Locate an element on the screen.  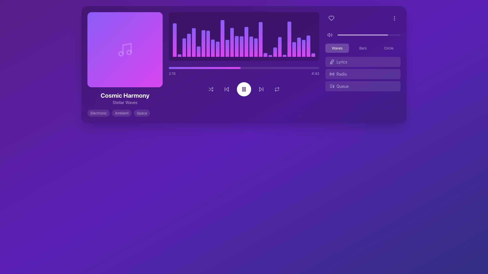
the interactive progress bar located centrally below the waveform visualization and above the playback controls is located at coordinates (244, 71).